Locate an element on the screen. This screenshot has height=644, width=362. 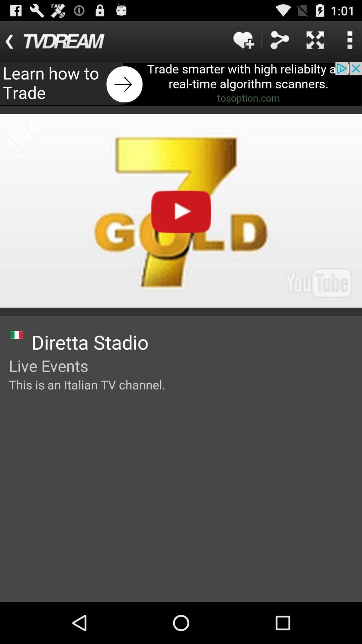
advertisement source is located at coordinates (181, 84).